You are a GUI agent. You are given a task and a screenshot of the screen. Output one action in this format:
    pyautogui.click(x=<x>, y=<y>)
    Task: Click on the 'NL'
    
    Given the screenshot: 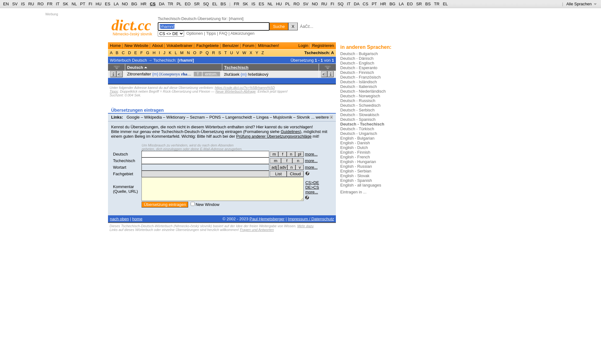 What is the action you would take?
    pyautogui.click(x=74, y=4)
    